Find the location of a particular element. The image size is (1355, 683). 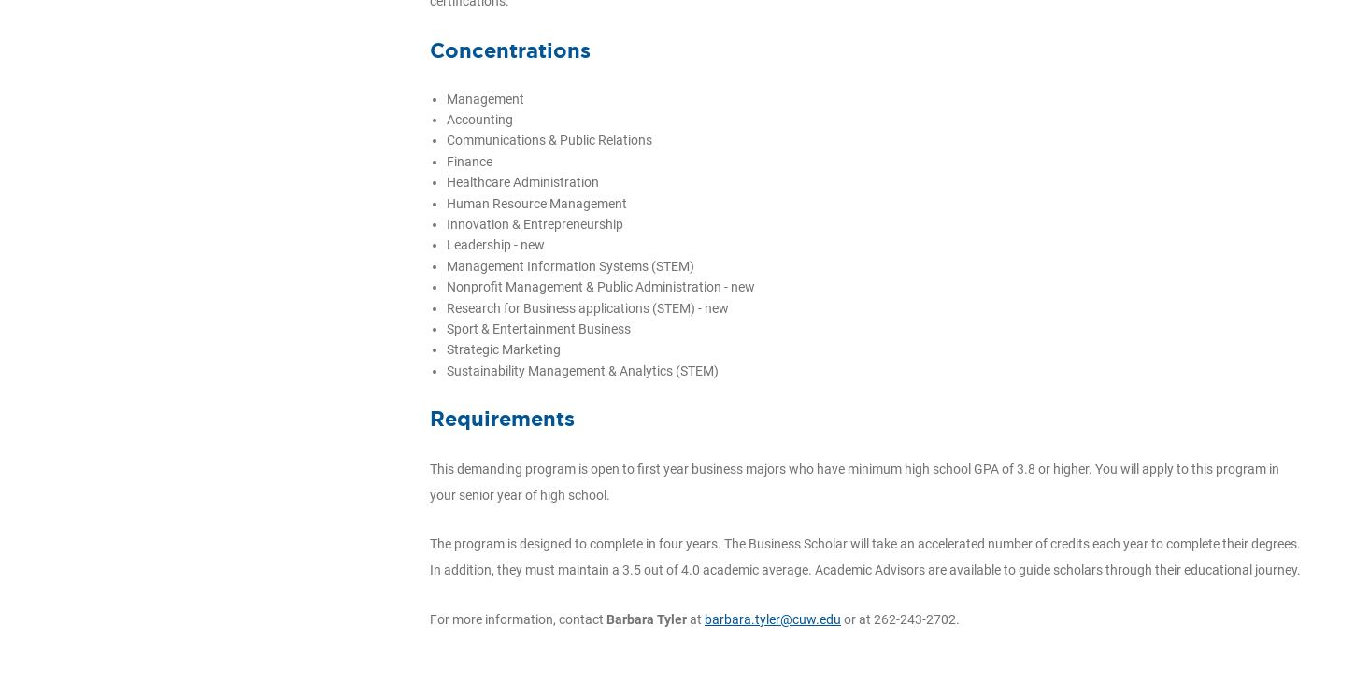

'For more information, contact' is located at coordinates (518, 618).